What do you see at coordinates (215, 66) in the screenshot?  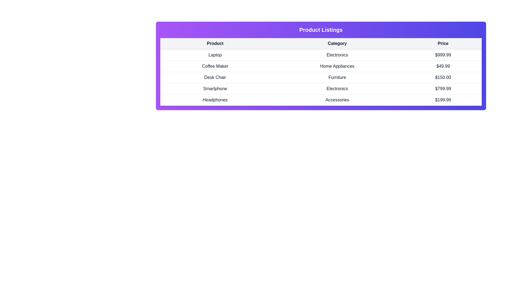 I see `the Text label that identifies the product entry for 'Home Appliances' in the second row of the product listing table` at bounding box center [215, 66].